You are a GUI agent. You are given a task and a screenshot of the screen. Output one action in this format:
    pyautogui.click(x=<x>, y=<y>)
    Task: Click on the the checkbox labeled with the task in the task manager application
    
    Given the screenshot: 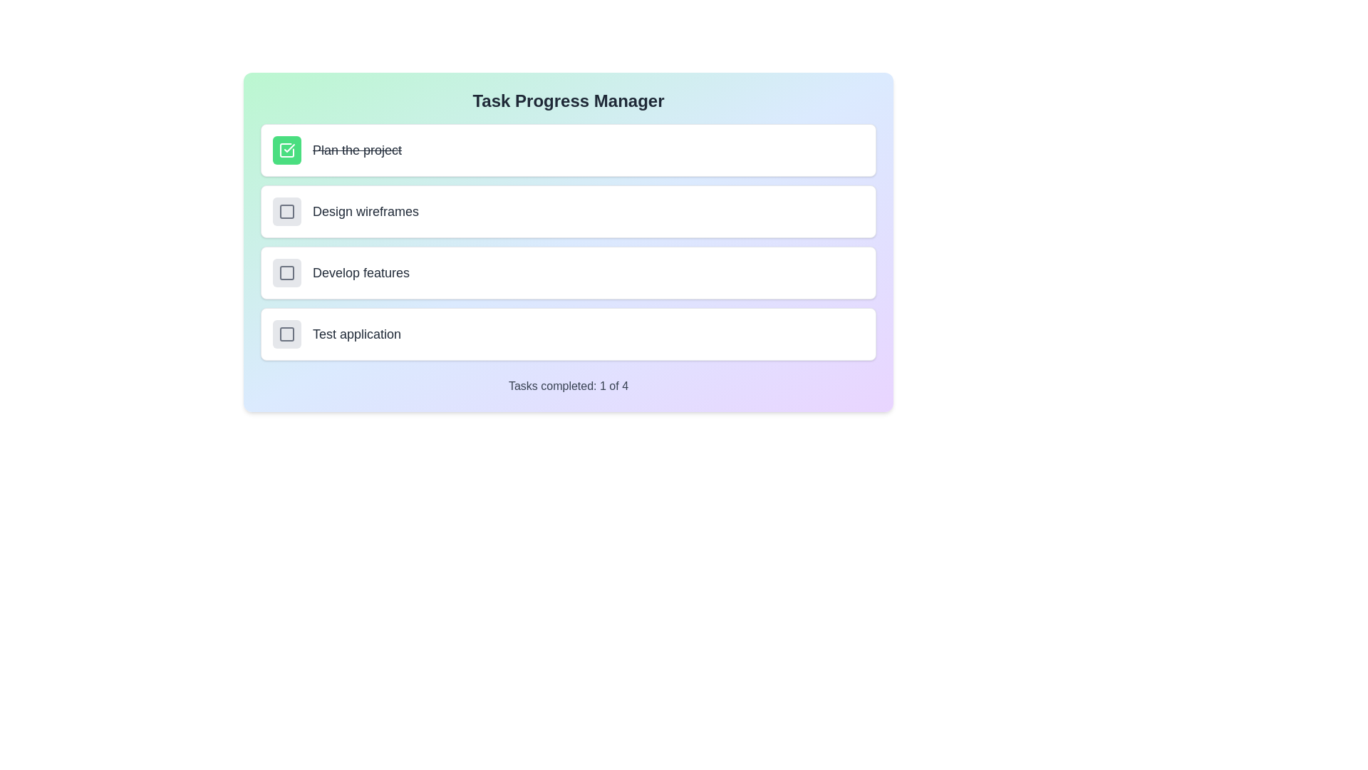 What is the action you would take?
    pyautogui.click(x=341, y=272)
    